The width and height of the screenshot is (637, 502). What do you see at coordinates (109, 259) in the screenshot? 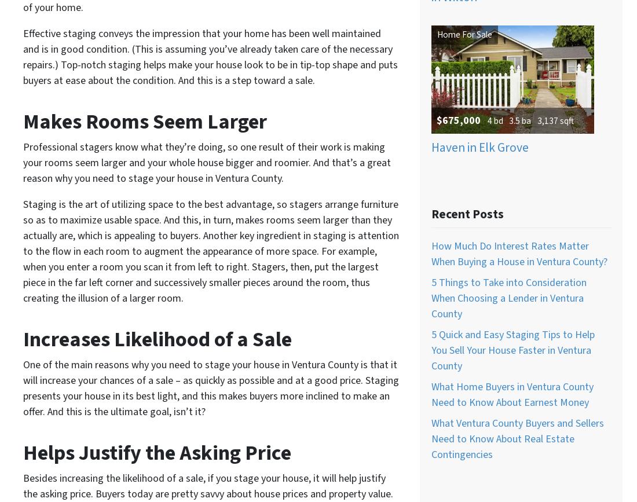
I see `'Real Estate Agents In Santa Paula, California'` at bounding box center [109, 259].